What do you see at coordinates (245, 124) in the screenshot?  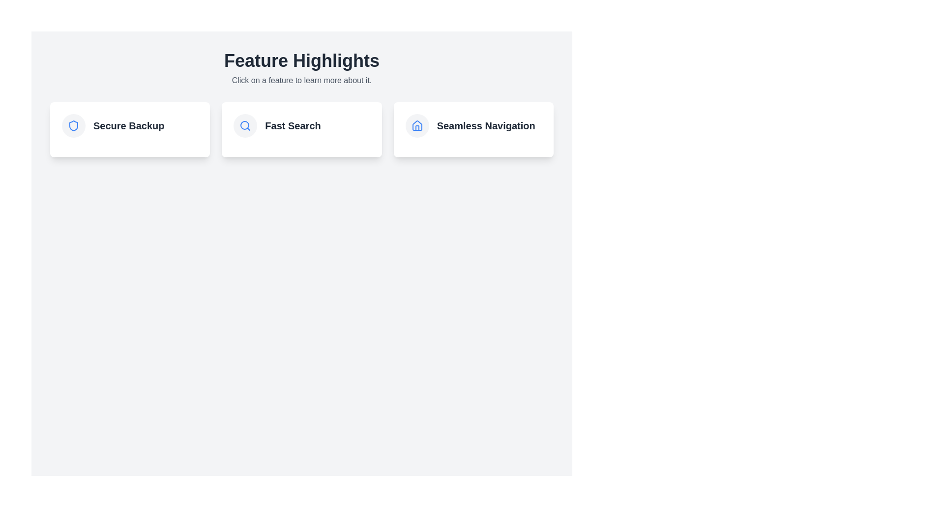 I see `circular graphical feature within the search icon located in the second card labeled 'Fast Search' by clicking on its center` at bounding box center [245, 124].